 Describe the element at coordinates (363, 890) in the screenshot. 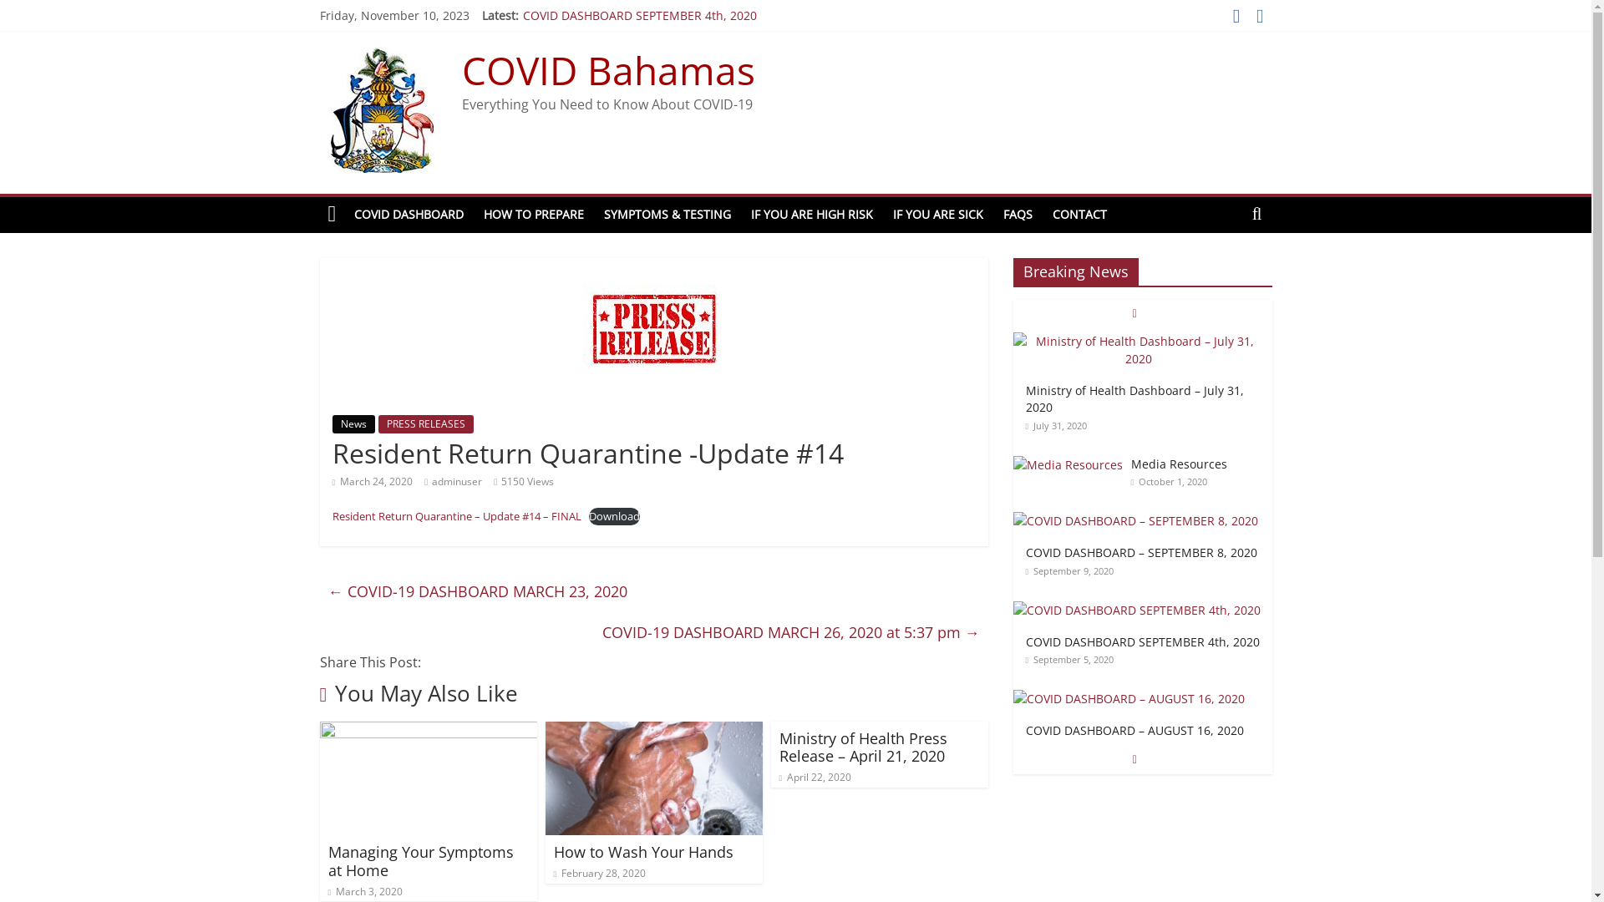

I see `'March 3, 2020'` at that location.